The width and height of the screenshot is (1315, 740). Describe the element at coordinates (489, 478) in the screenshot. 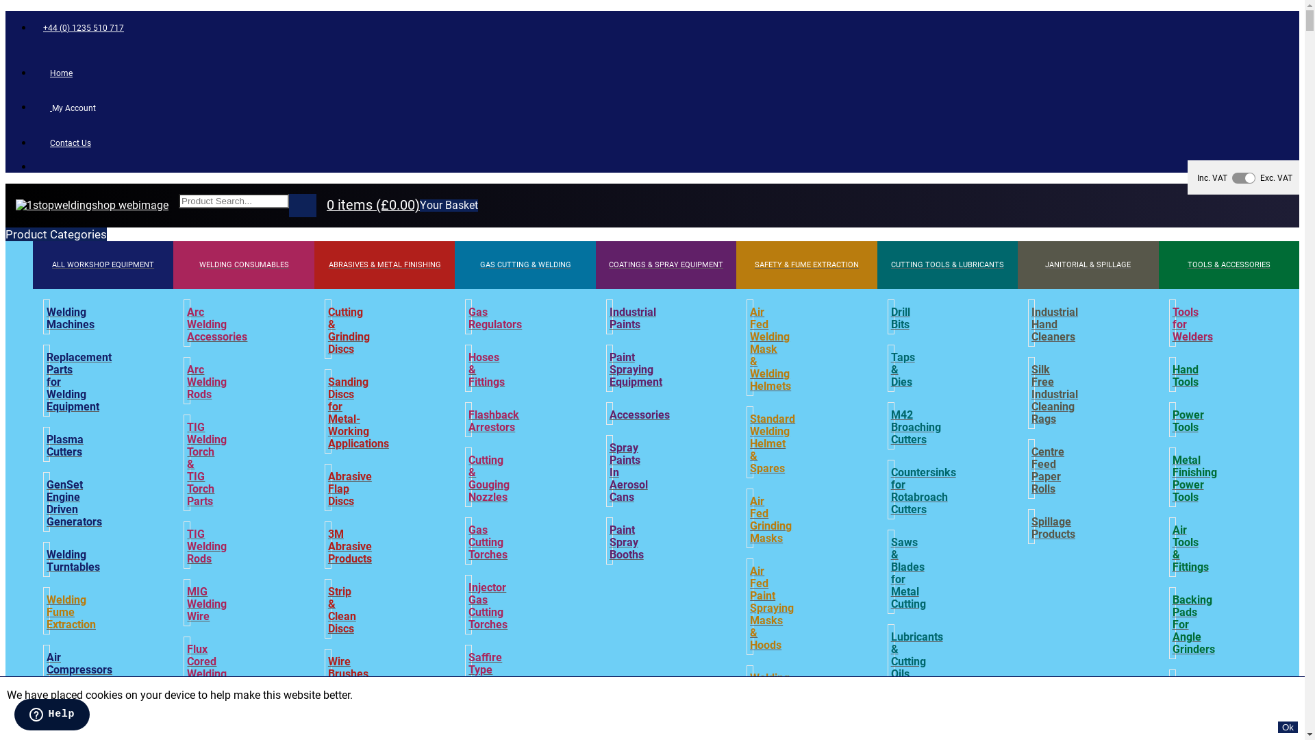

I see `'Cutting & Gouging Nozzles'` at that location.